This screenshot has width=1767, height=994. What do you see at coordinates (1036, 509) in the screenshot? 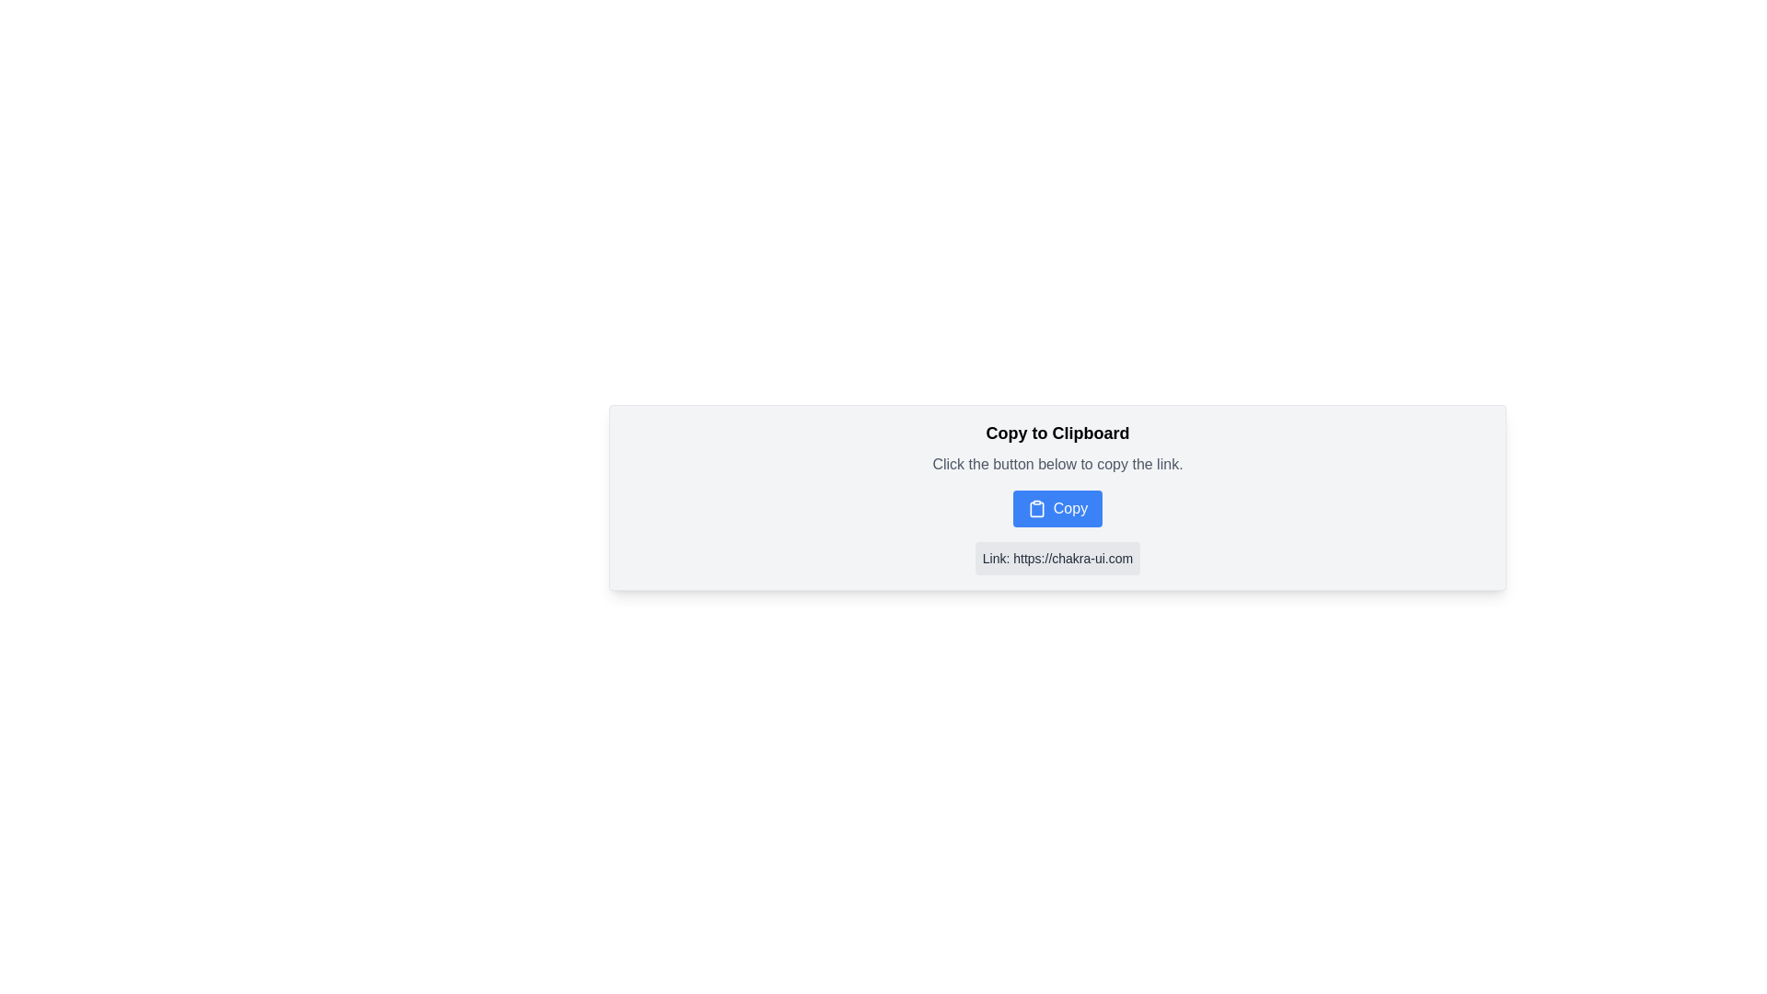
I see `the SVG graphic icon resembling a clipboard, which is centrally positioned within the button labeled 'Copy'` at bounding box center [1036, 509].